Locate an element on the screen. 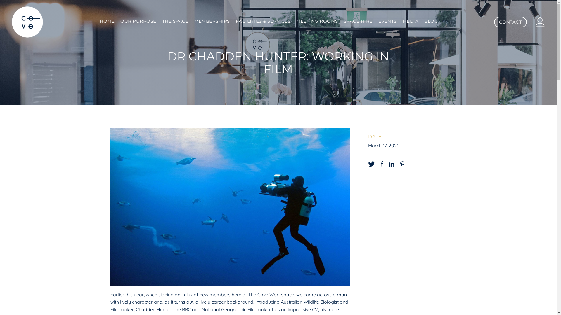 This screenshot has width=561, height=315. 'EVENTS' is located at coordinates (387, 21).